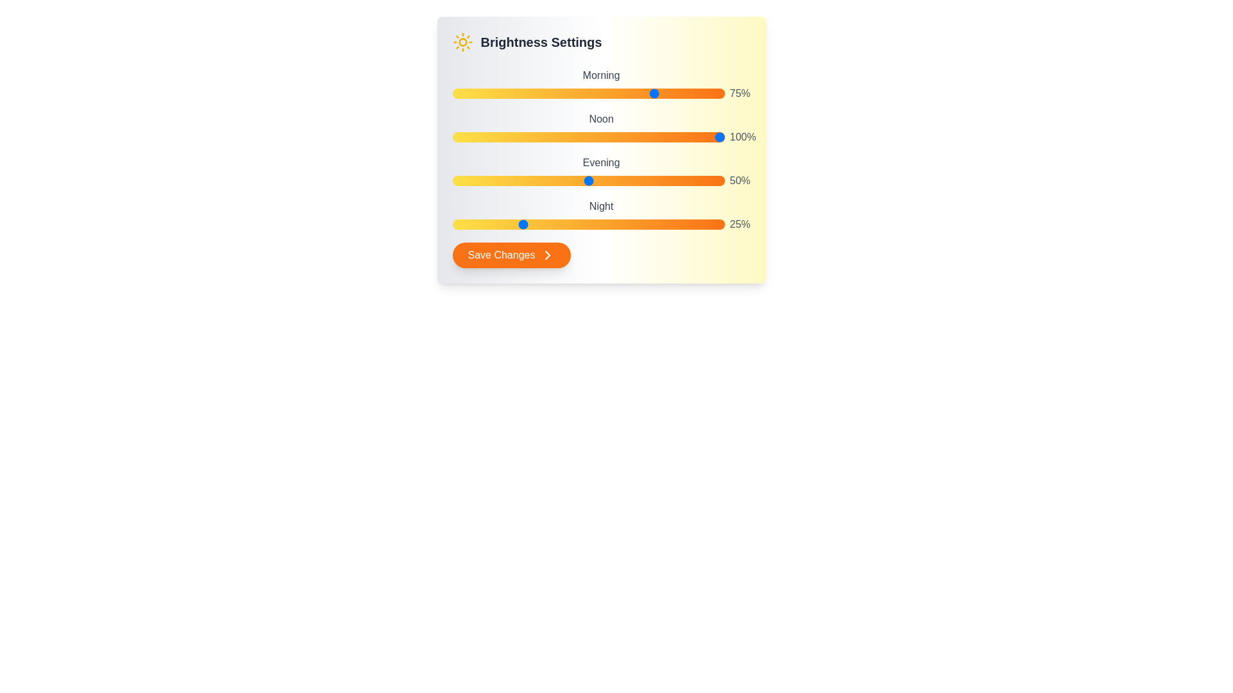 This screenshot has height=693, width=1233. Describe the element at coordinates (511, 255) in the screenshot. I see `the 'Save Changes' button` at that location.